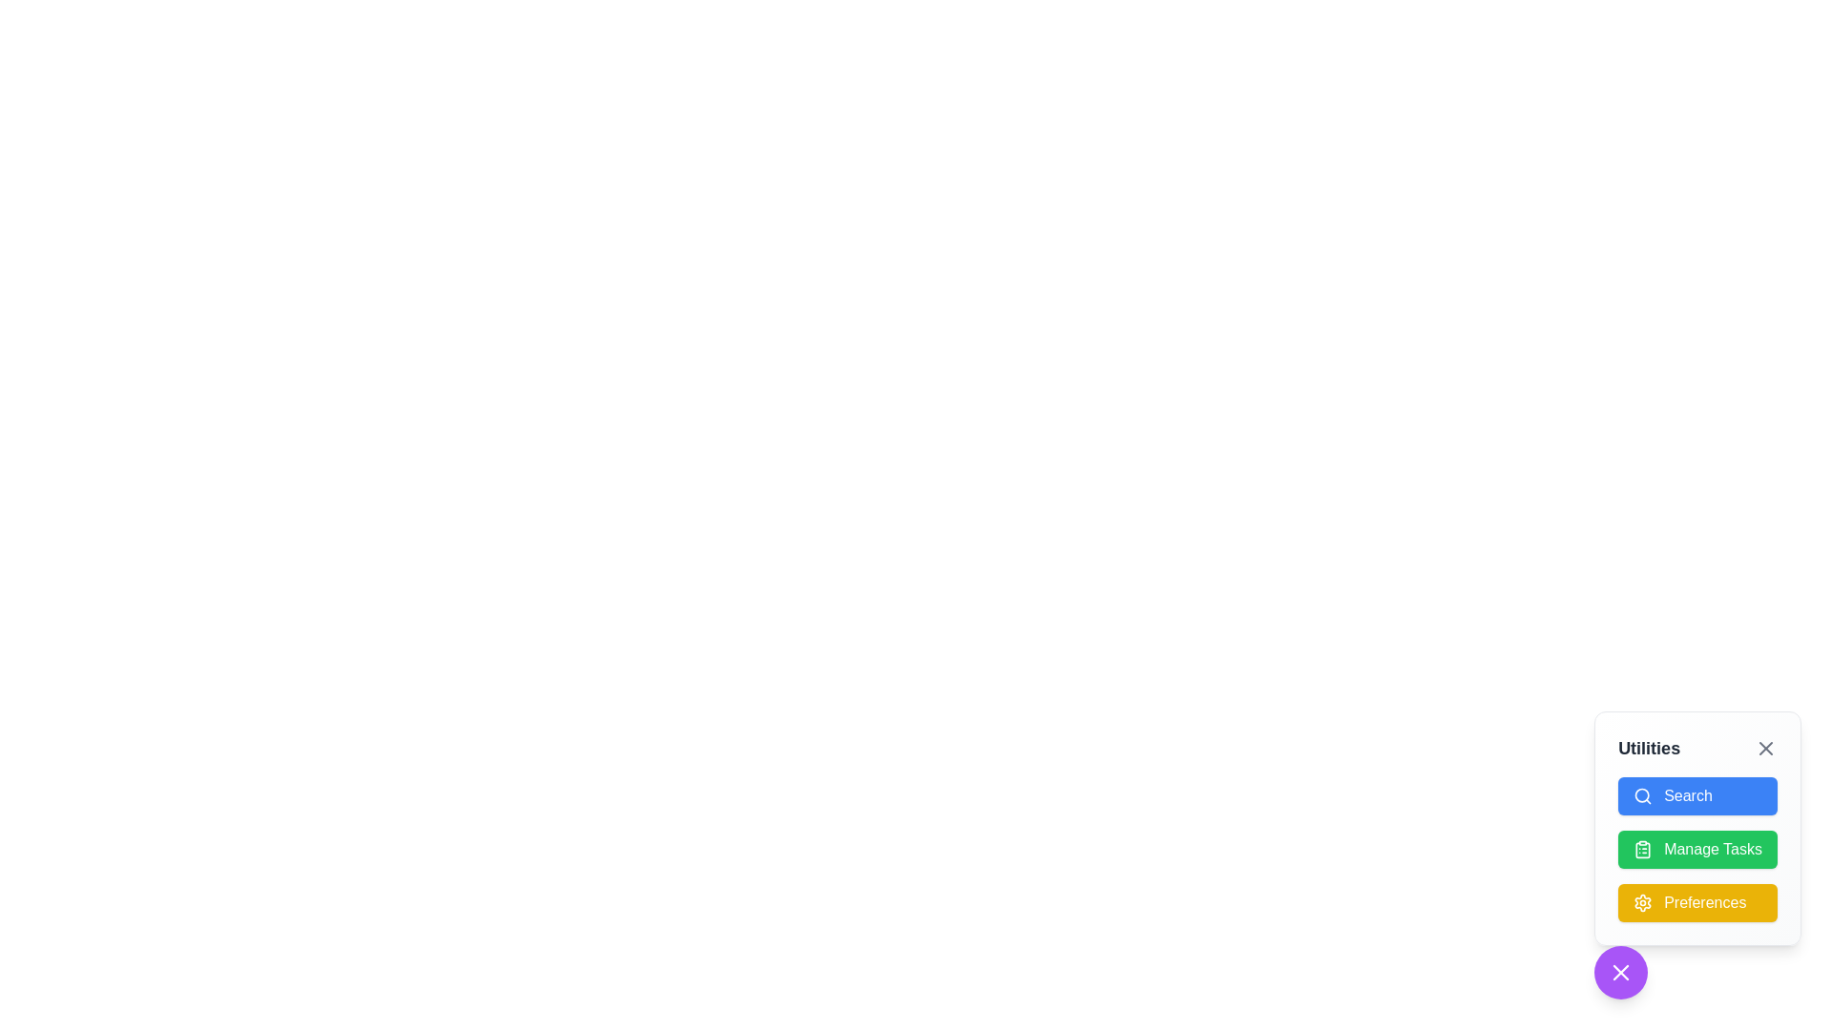  Describe the element at coordinates (1620, 972) in the screenshot. I see `the circular purple button with a white 'X' icon located` at that location.